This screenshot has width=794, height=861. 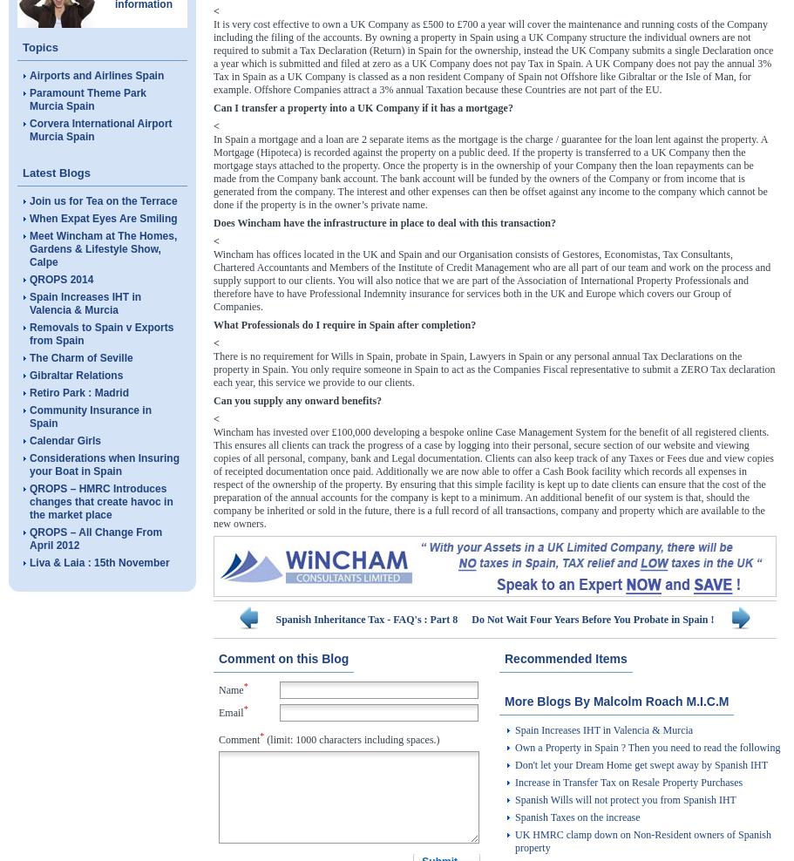 I want to click on '(limit: 1000 characters including spaces.)', so click(x=350, y=739).